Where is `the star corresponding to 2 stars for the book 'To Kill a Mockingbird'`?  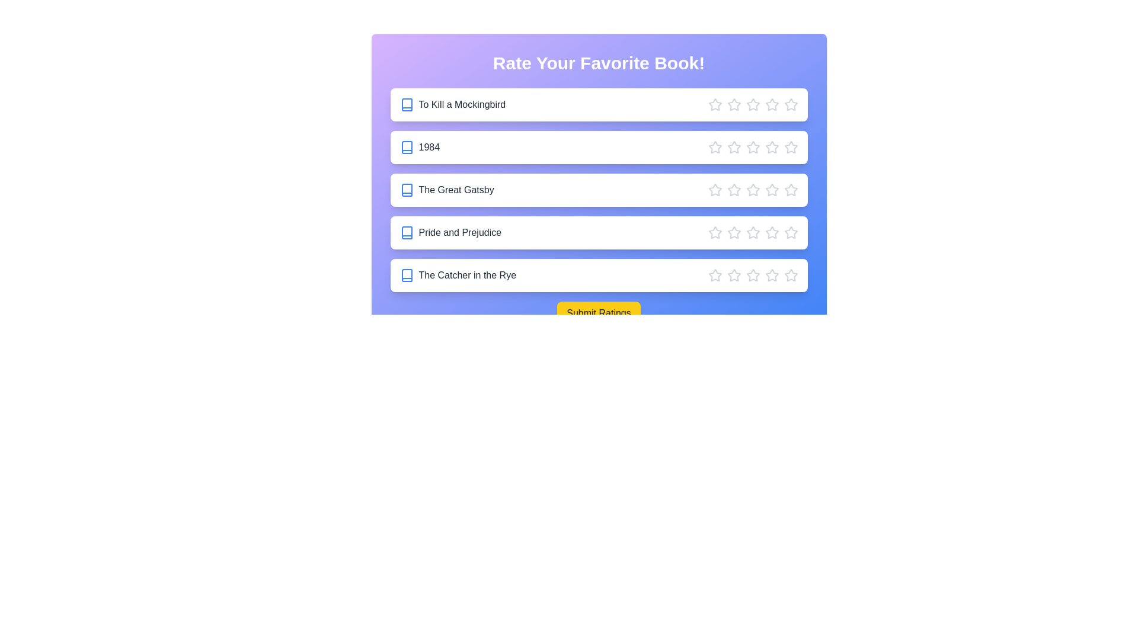
the star corresponding to 2 stars for the book 'To Kill a Mockingbird' is located at coordinates (733, 104).